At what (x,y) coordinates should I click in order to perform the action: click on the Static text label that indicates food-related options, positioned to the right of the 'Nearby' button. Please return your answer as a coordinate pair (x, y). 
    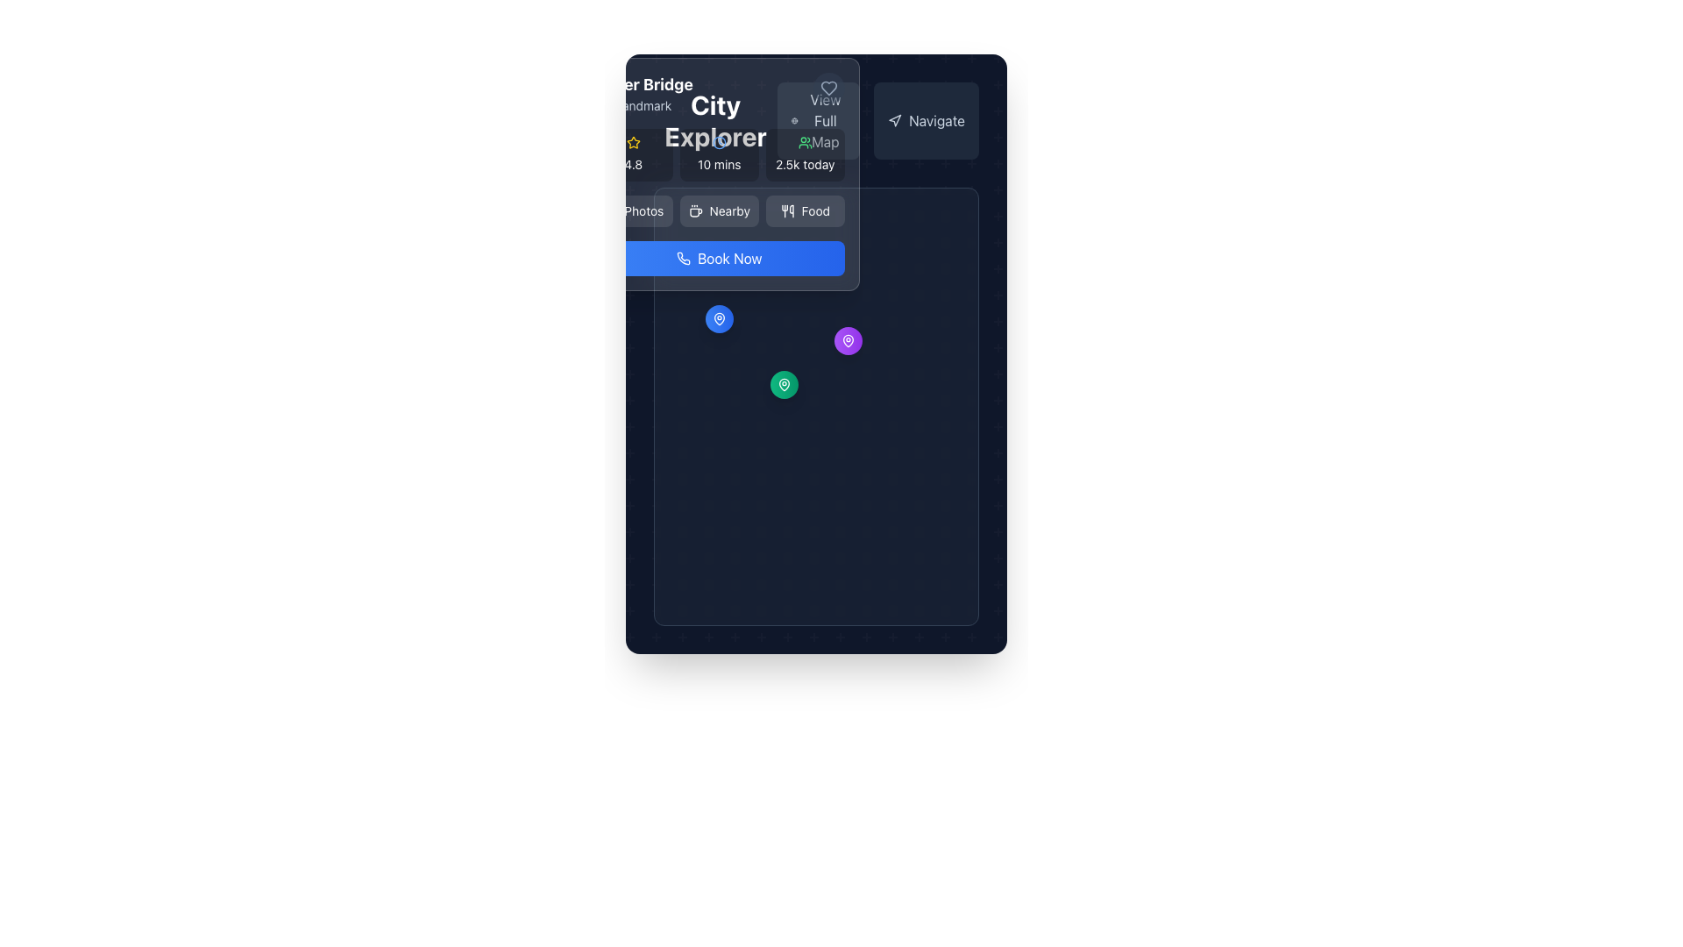
    Looking at the image, I should click on (814, 210).